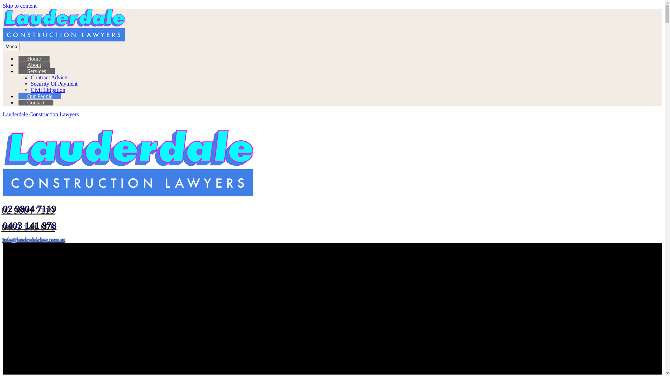 This screenshot has width=670, height=376. Describe the element at coordinates (30, 77) in the screenshot. I see `'Contract Advice'` at that location.